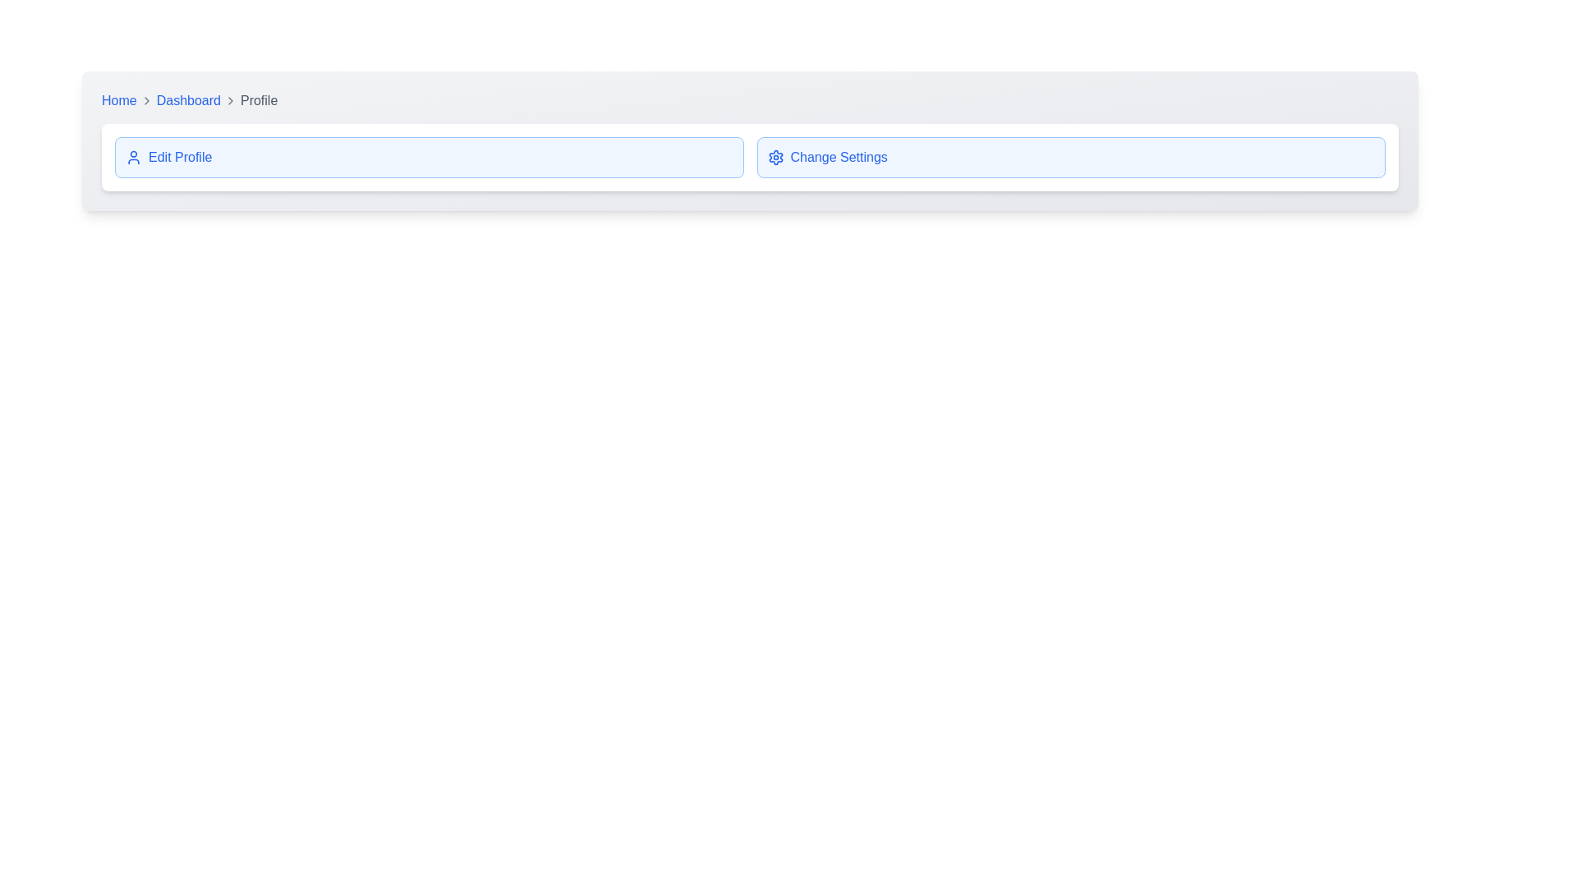 Image resolution: width=1577 pixels, height=887 pixels. I want to click on the 'Profile' text label in the breadcrumb navigation bar, which is displayed in gray font and is the third sibling after 'Dashboard', so click(258, 101).